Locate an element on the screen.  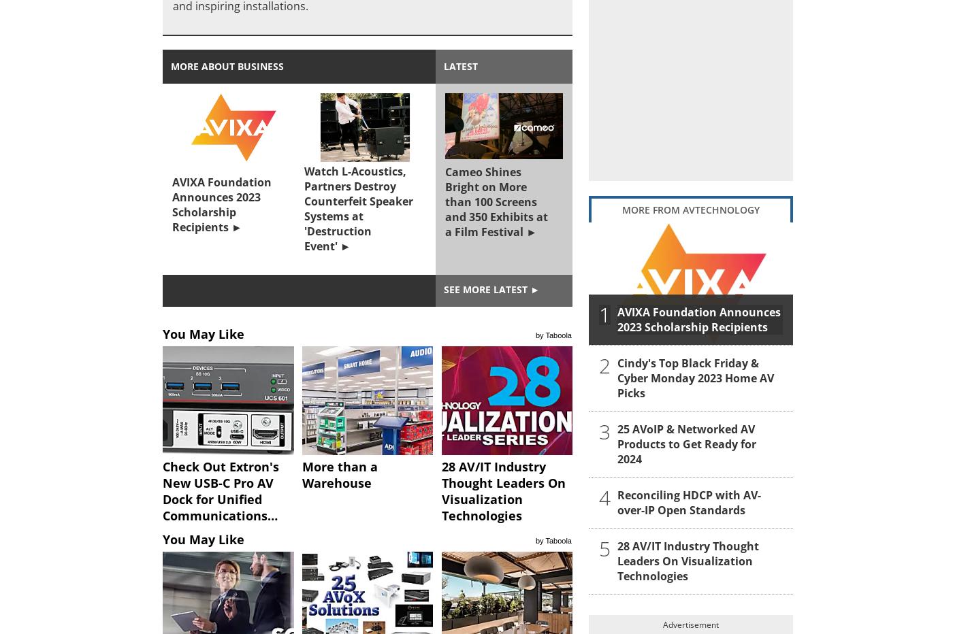
'Cindy's Top Black Friday & Cyber Monday 2023 Home AV Picks' is located at coordinates (696, 378).